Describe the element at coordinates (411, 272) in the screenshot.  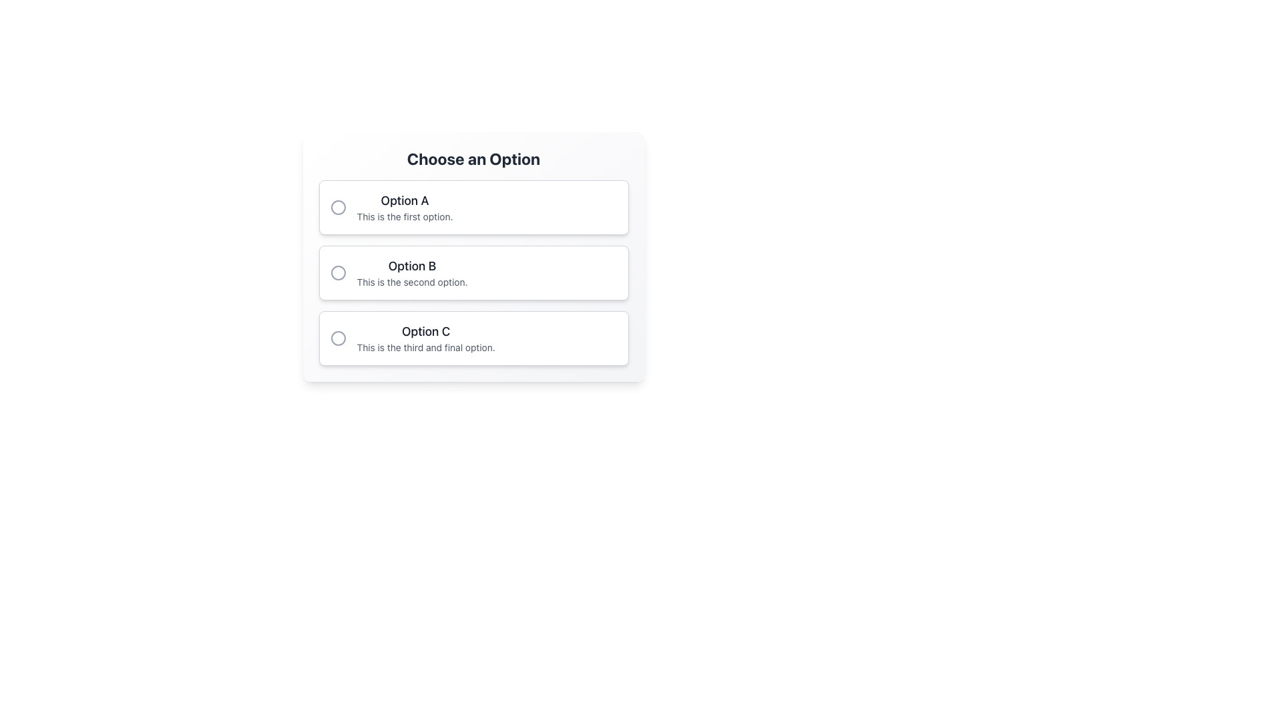
I see `the text label containing 'Option B' and the subtitle 'This is the second option.', which is positioned below 'Option A' in a vertical list of choices` at that location.